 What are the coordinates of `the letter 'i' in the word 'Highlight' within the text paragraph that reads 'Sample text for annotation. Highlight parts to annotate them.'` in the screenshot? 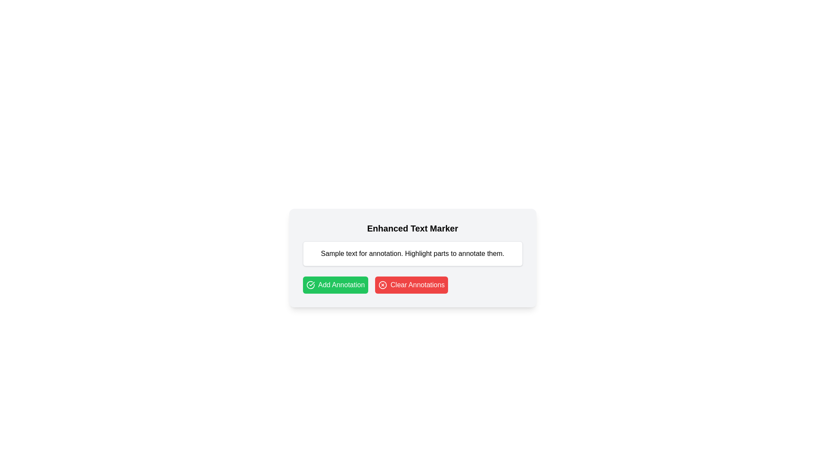 It's located at (421, 253).